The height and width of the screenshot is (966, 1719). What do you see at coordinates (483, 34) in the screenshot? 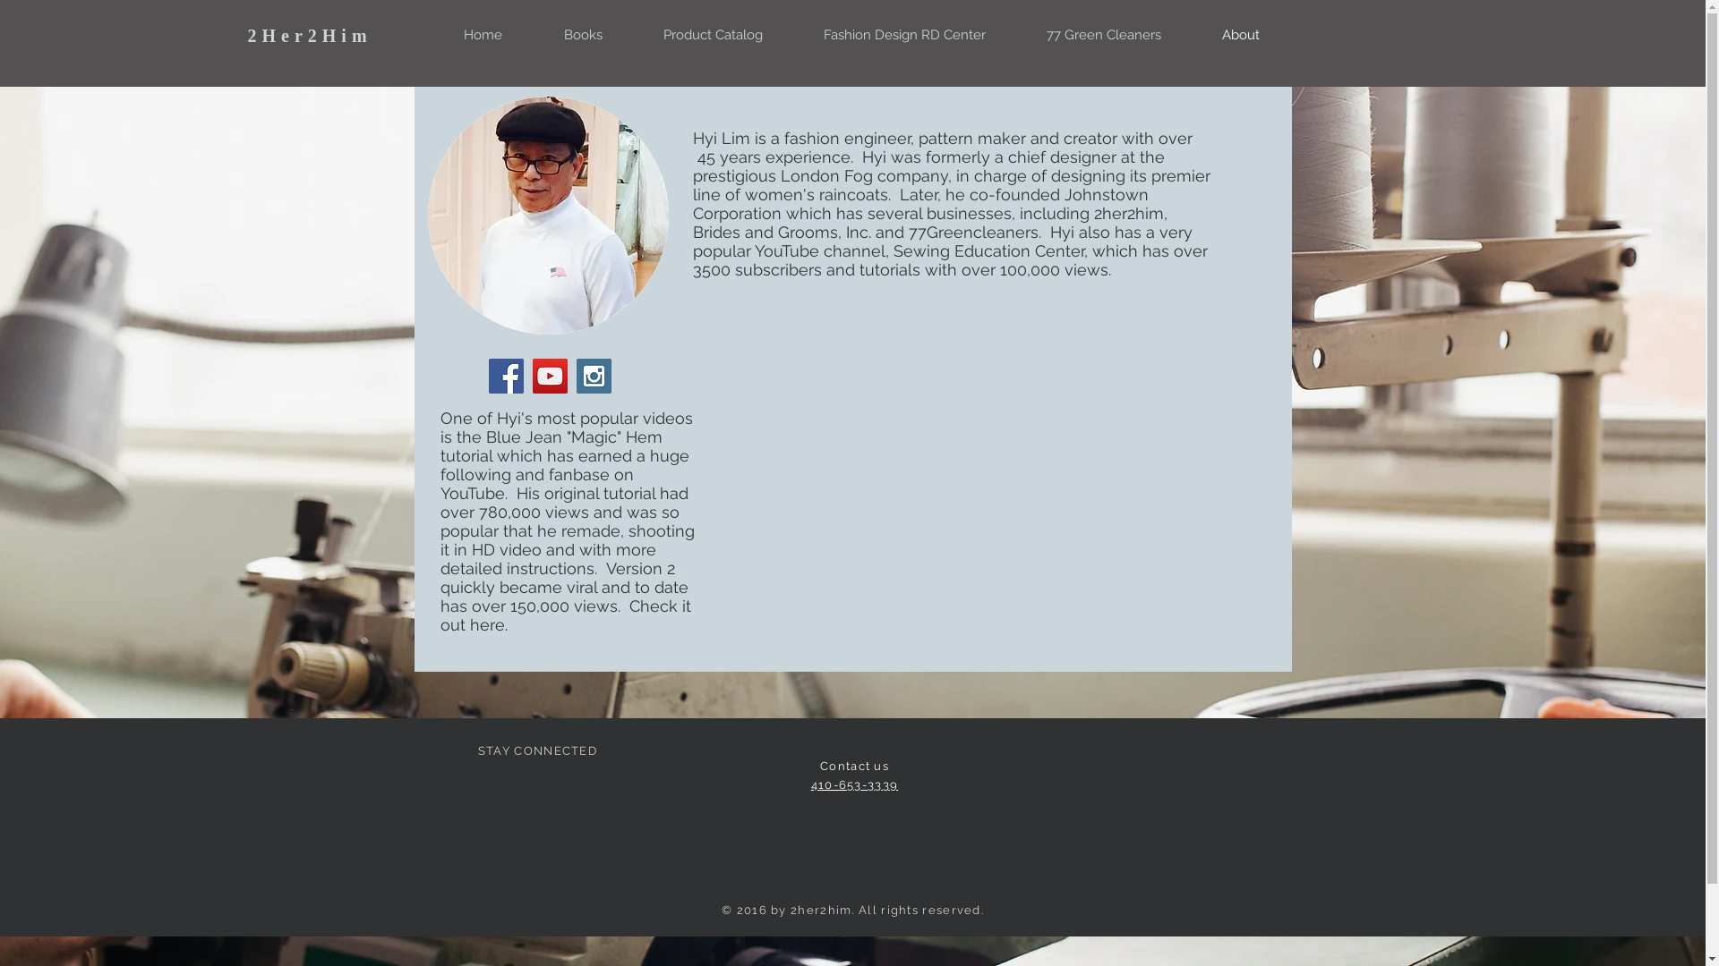
I see `'Home'` at bounding box center [483, 34].